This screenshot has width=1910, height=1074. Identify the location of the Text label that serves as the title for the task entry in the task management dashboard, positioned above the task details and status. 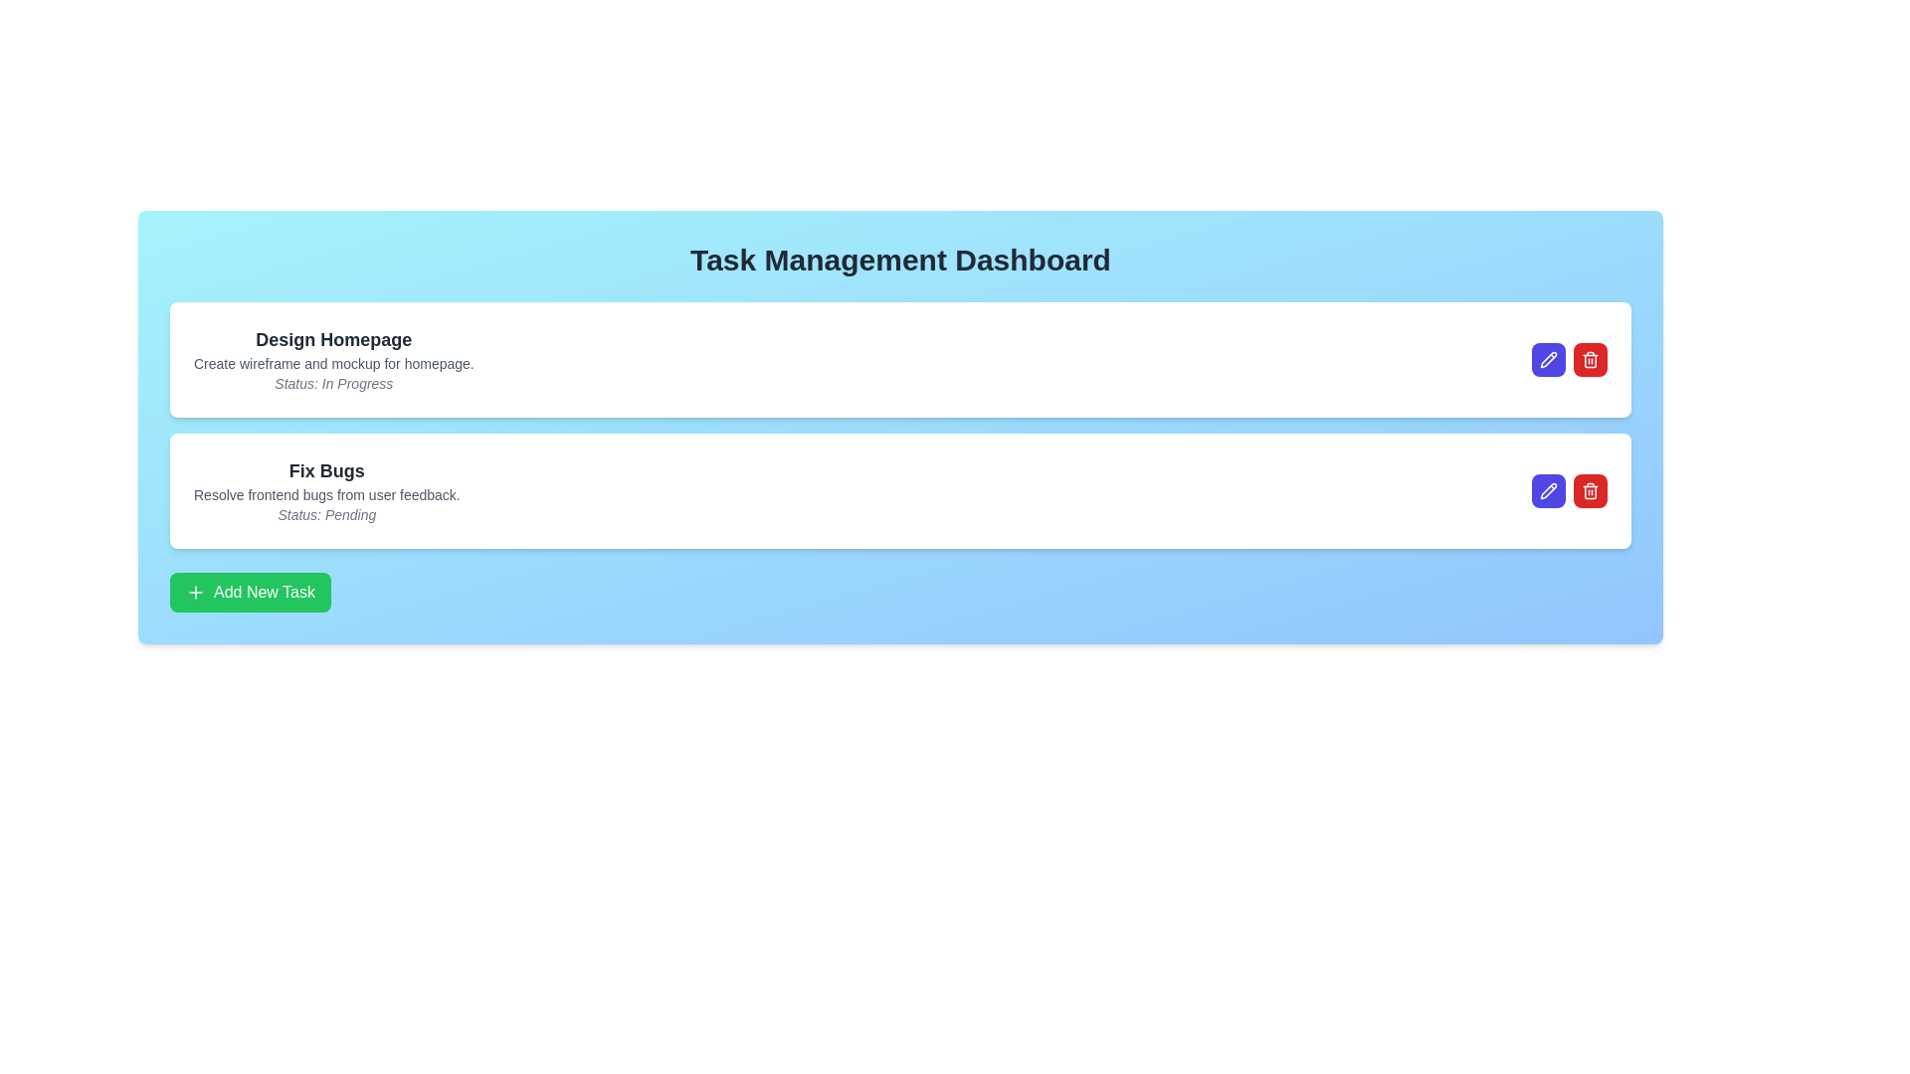
(326, 471).